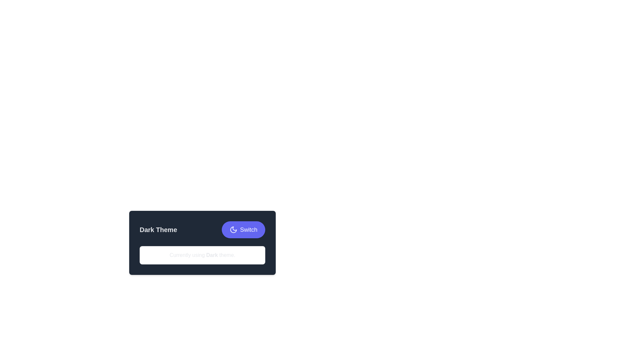  I want to click on the 'Switch' button to toggle the theme, so click(243, 229).